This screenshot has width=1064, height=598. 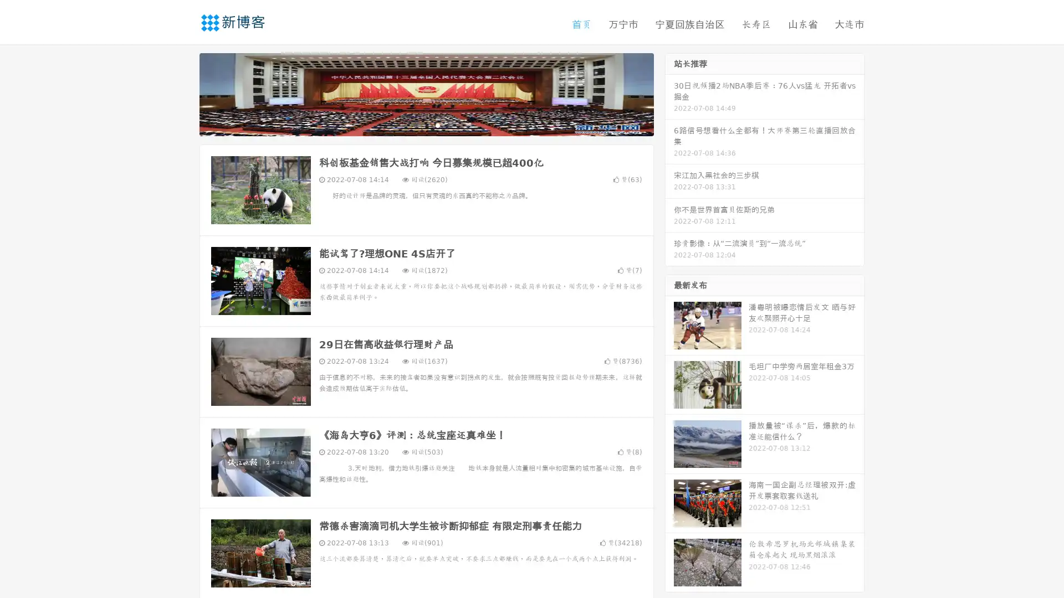 I want to click on Go to slide 3, so click(x=437, y=125).